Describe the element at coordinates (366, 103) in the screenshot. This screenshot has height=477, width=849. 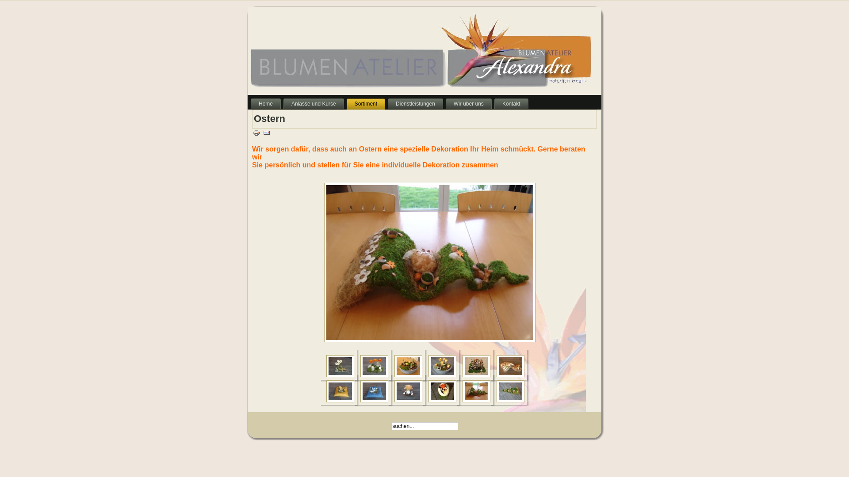
I see `'Sortiment'` at that location.